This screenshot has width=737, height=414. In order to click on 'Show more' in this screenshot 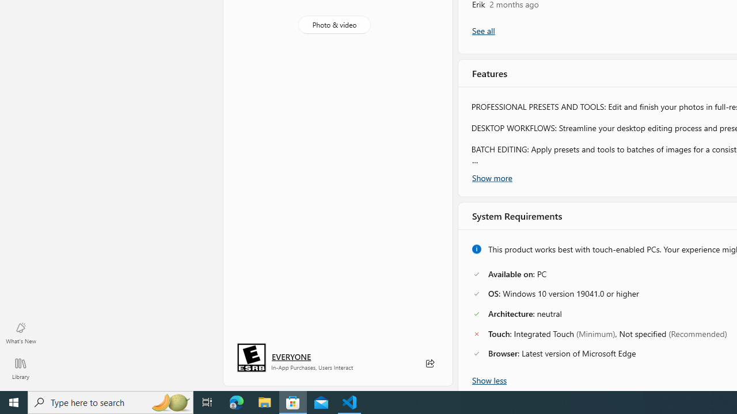, I will do `click(492, 177)`.